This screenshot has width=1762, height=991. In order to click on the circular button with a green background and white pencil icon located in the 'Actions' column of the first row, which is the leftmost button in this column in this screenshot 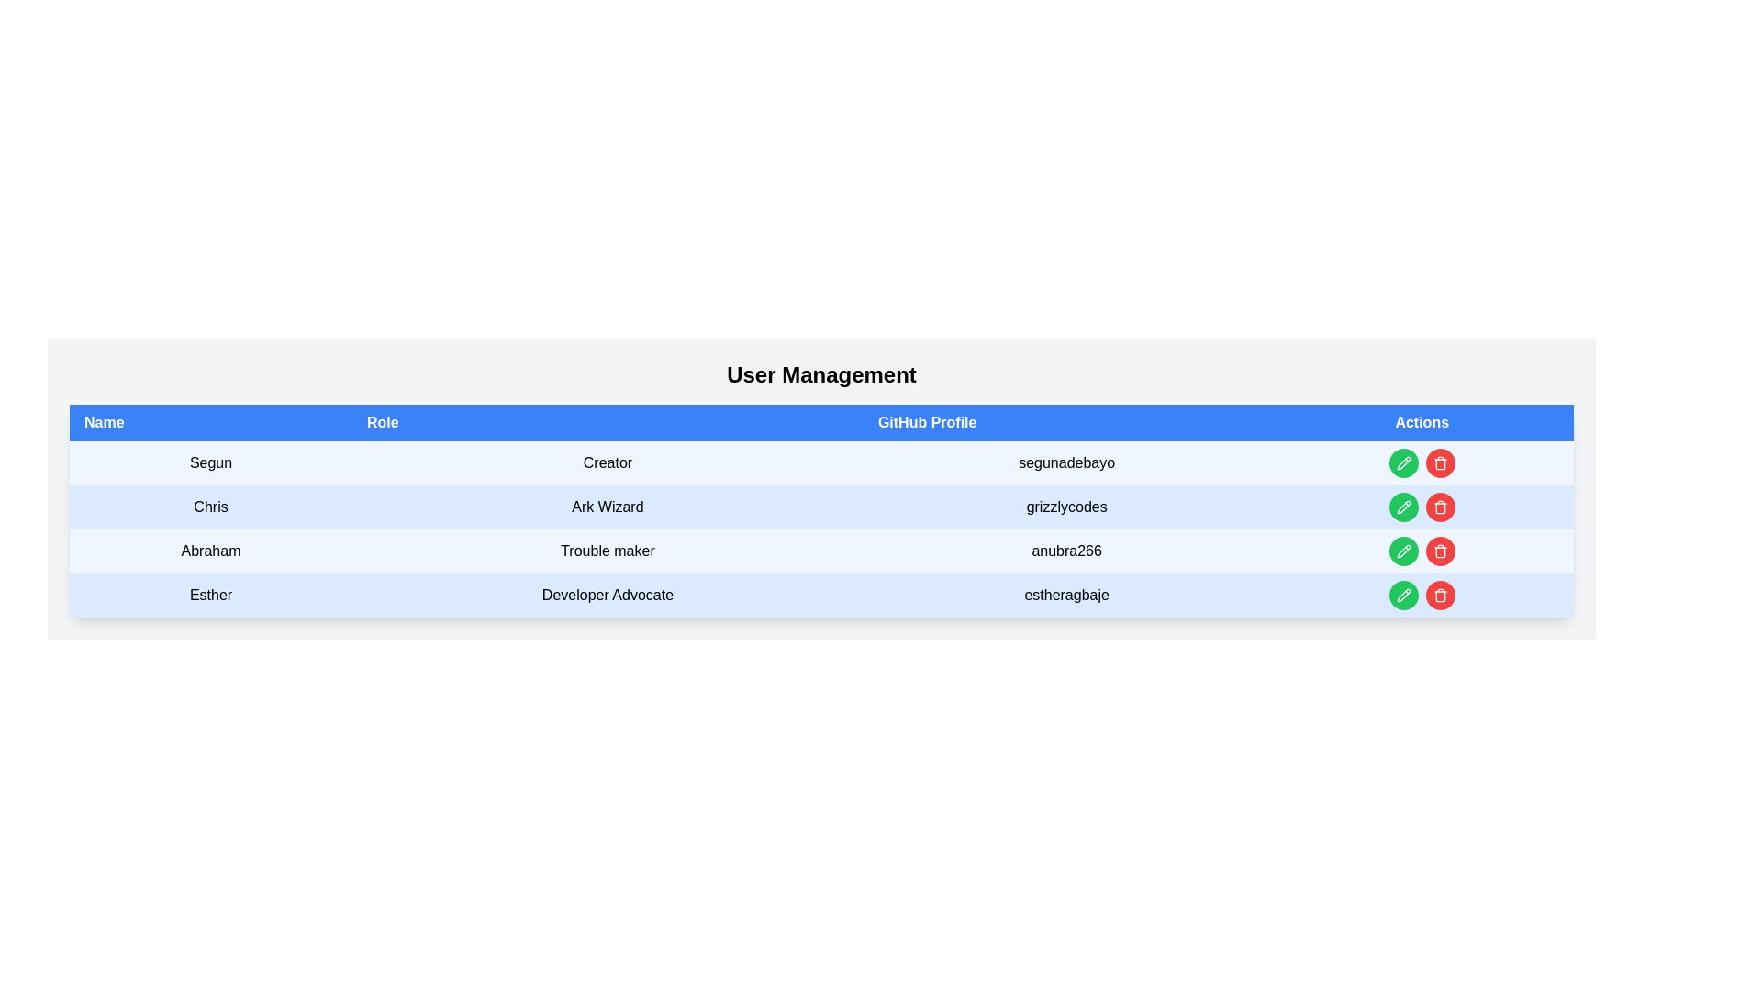, I will do `click(1402, 462)`.